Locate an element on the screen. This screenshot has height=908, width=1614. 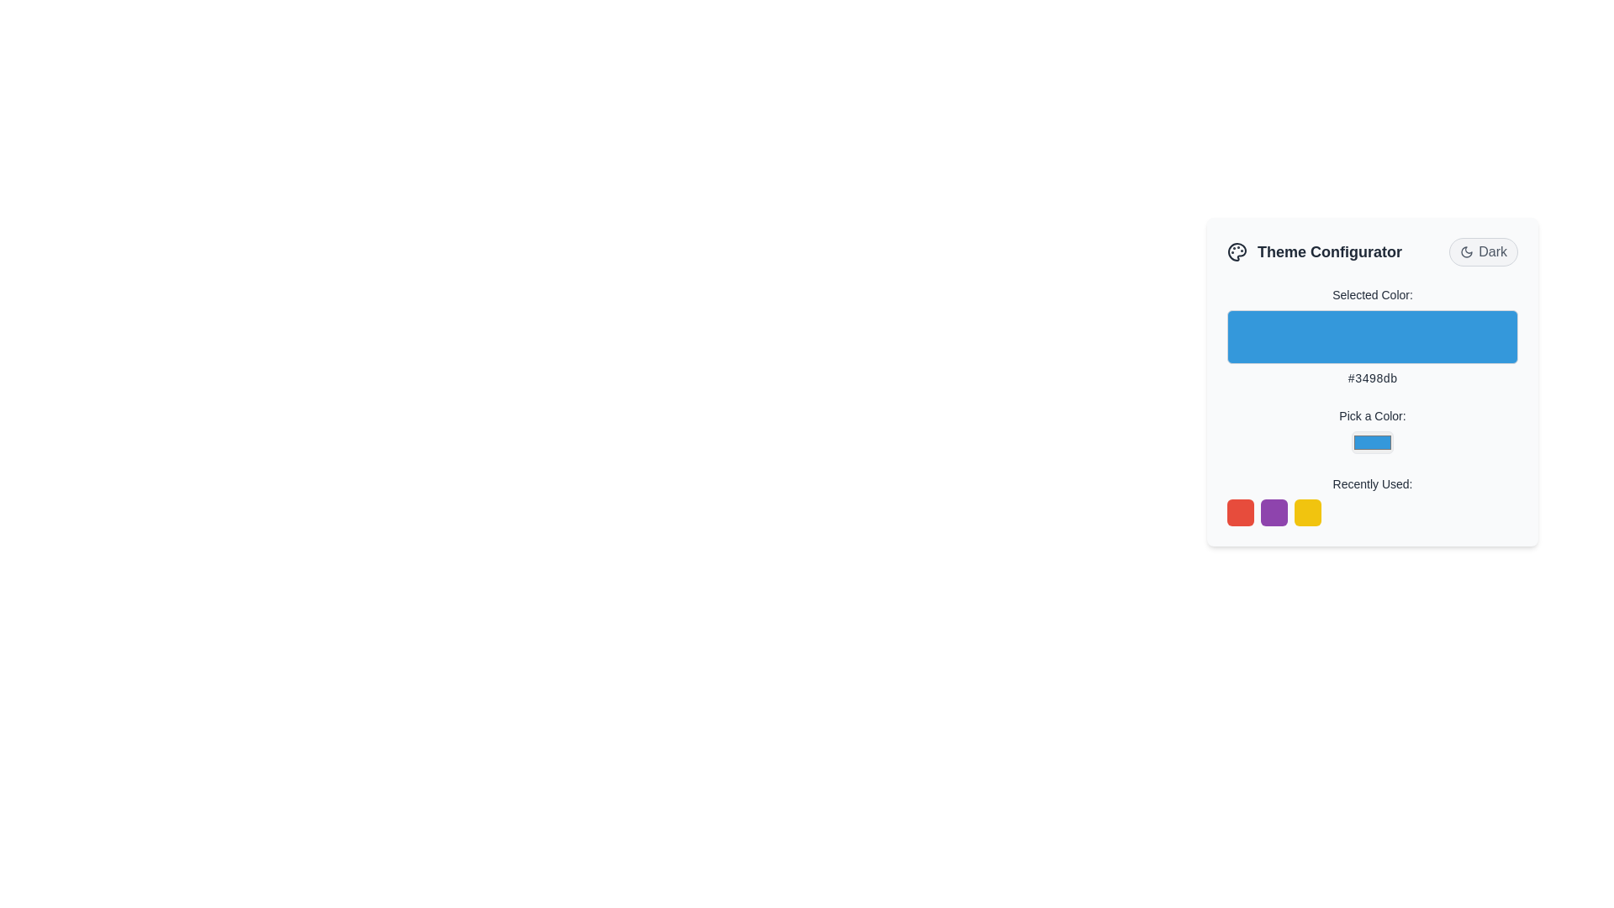
the text label displaying 'Recently Used:' located in the Theme Configurator card to understand the meaning of the subsequent items is located at coordinates (1372, 483).